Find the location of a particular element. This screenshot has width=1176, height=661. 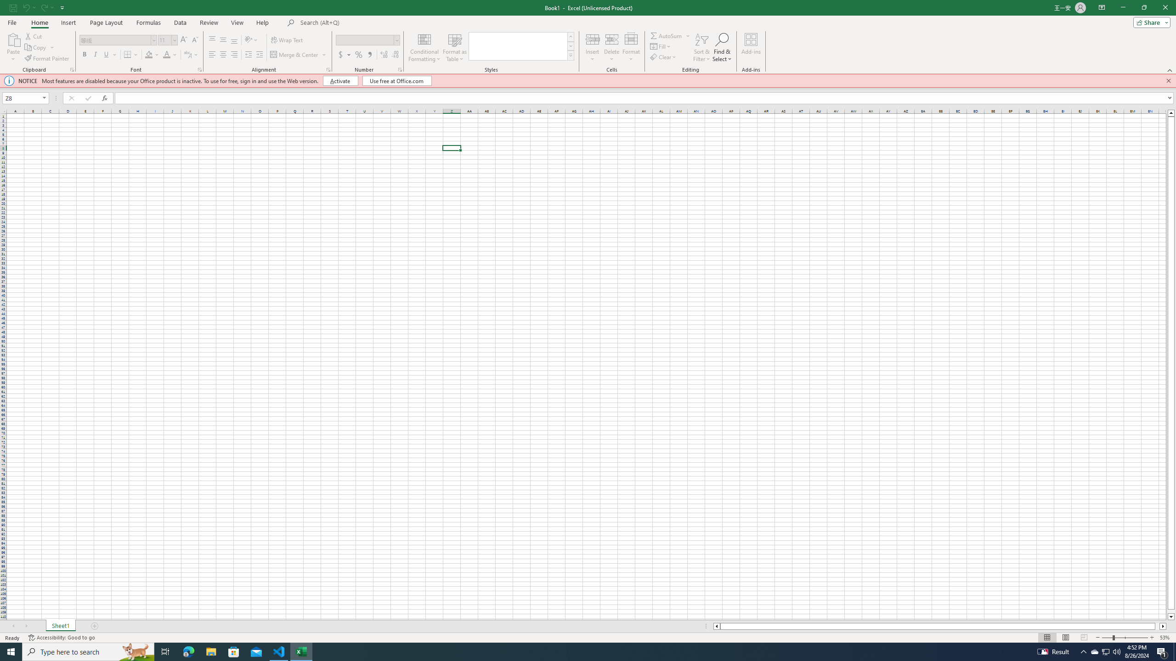

'Cell Styles' is located at coordinates (570, 55).